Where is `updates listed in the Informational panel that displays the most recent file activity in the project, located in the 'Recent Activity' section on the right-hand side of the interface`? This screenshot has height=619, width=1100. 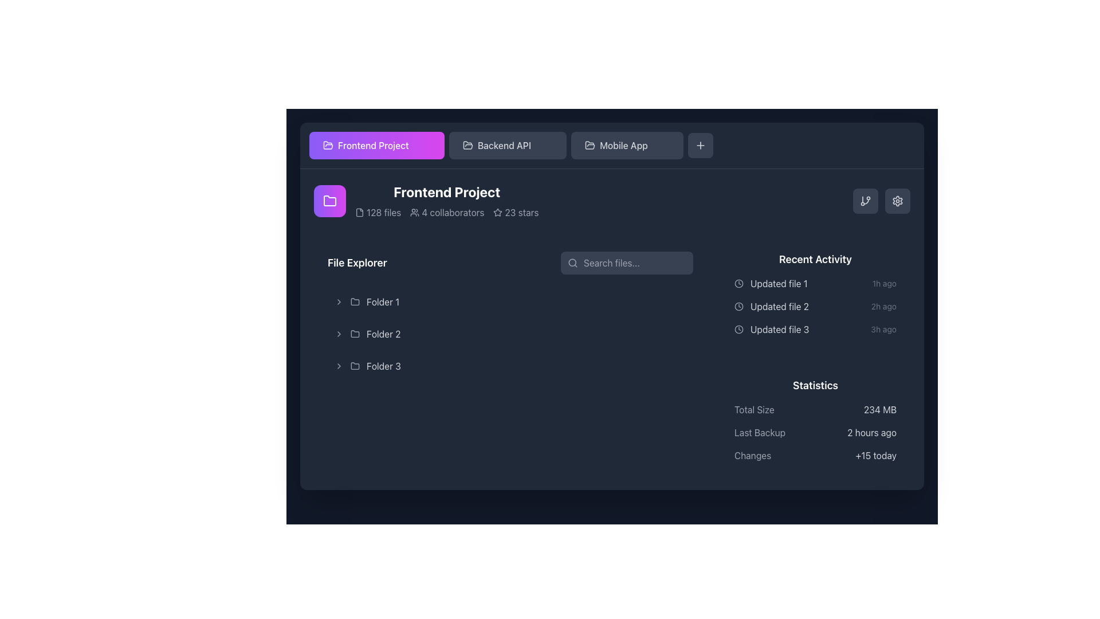
updates listed in the Informational panel that displays the most recent file activity in the project, located in the 'Recent Activity' section on the right-hand side of the interface is located at coordinates (815, 293).